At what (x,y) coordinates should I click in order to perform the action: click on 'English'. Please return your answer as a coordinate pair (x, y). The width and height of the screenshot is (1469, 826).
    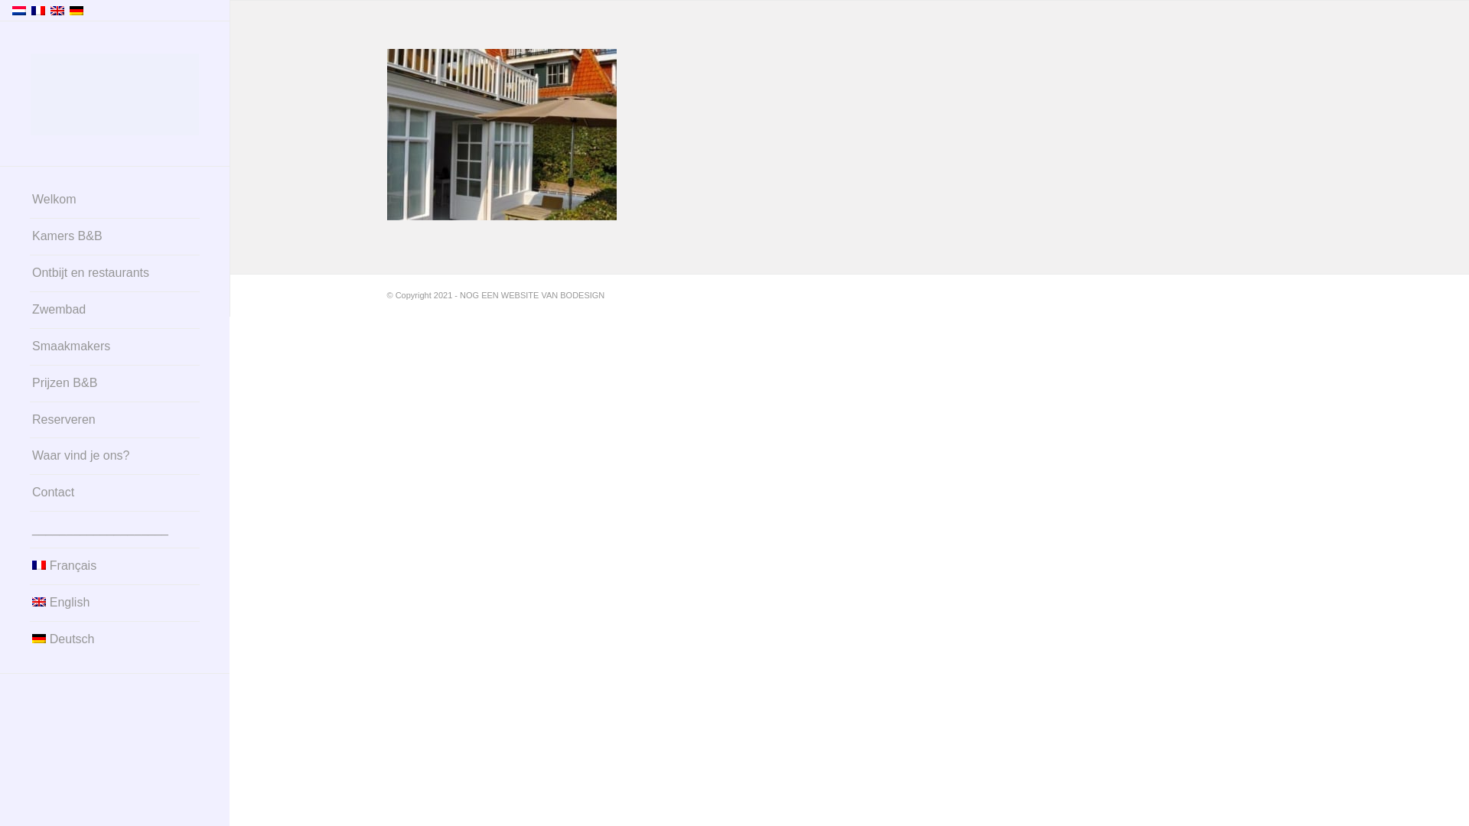
    Looking at the image, I should click on (113, 603).